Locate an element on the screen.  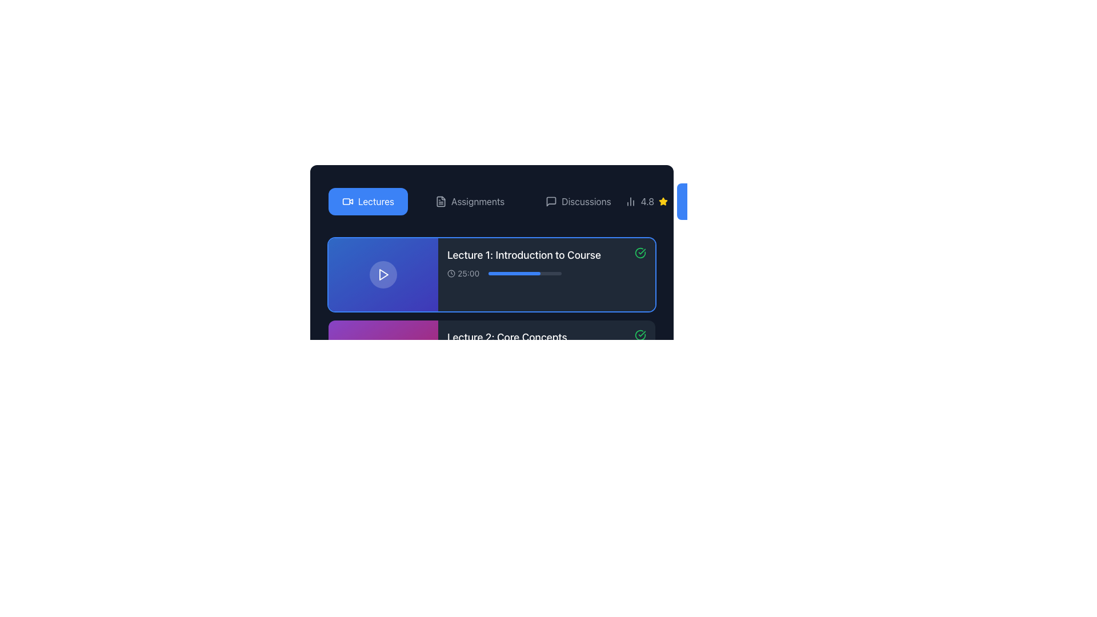
the 'Discussions' text label in the top navigation bar is located at coordinates (586, 201).